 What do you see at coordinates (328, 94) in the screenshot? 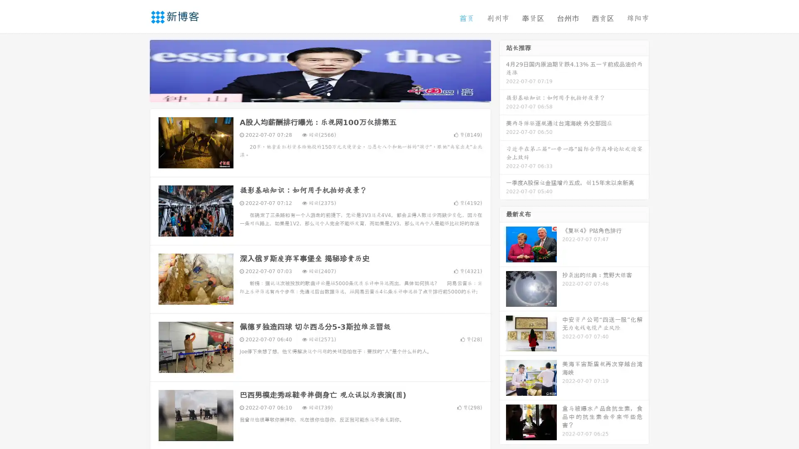
I see `Go to slide 3` at bounding box center [328, 94].